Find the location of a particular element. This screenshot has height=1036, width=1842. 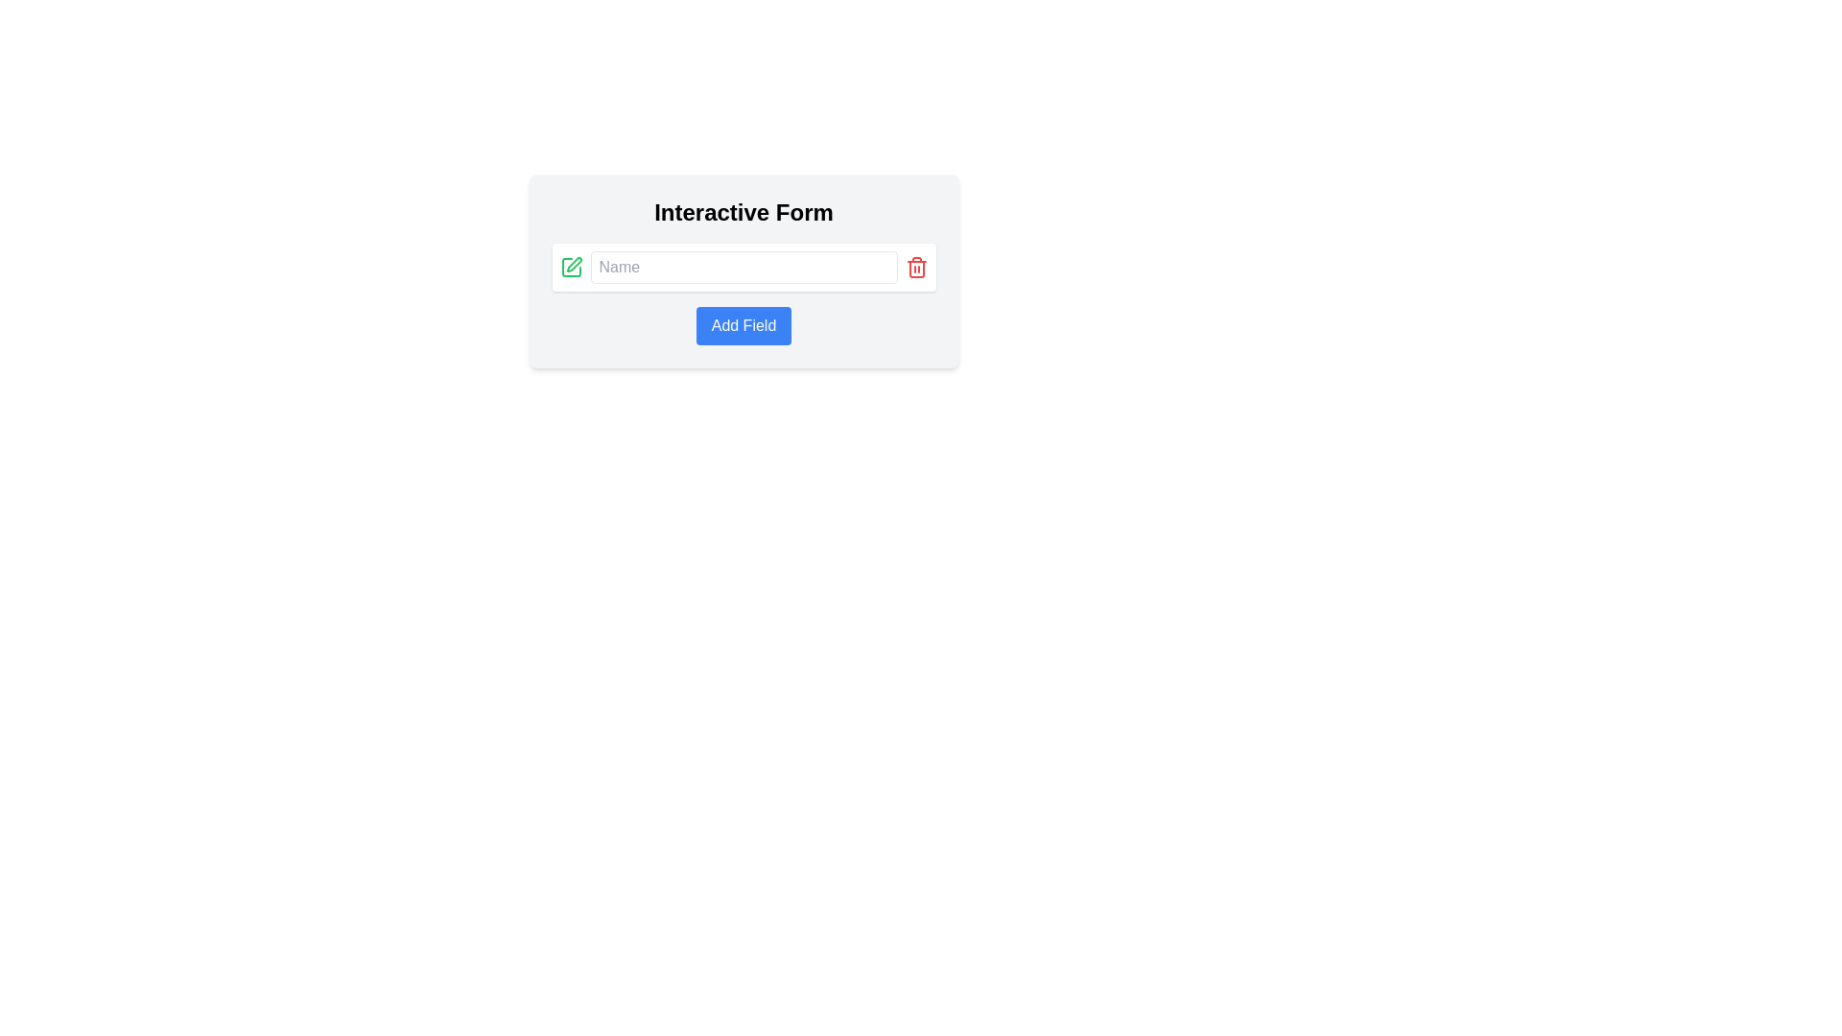

the input field with placeholder text 'Name' located within the interactive form to enable text entry is located at coordinates (743, 267).